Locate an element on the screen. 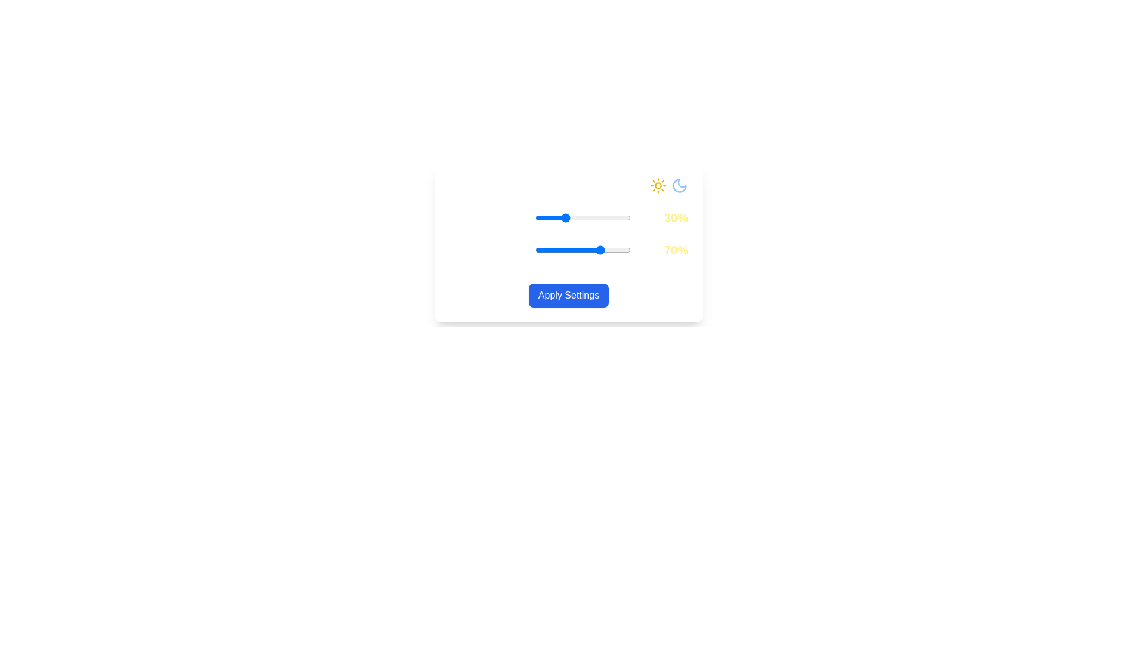 The height and width of the screenshot is (645, 1146). the Daylight Intensity slider to 33% is located at coordinates (566, 218).